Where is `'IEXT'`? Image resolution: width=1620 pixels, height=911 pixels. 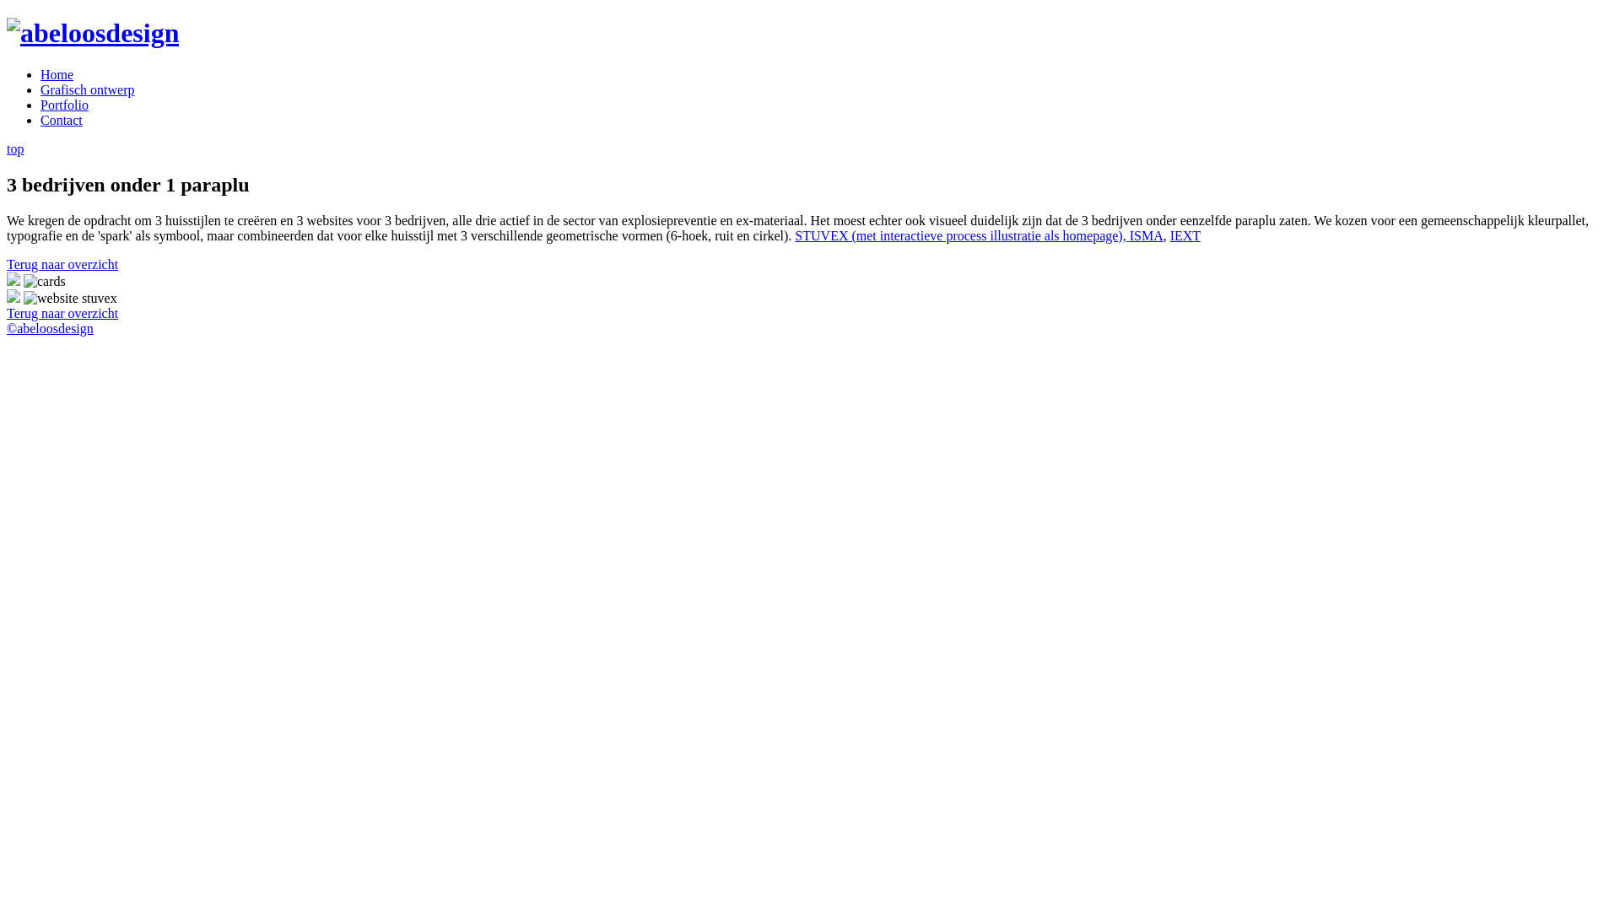 'IEXT' is located at coordinates (1185, 235).